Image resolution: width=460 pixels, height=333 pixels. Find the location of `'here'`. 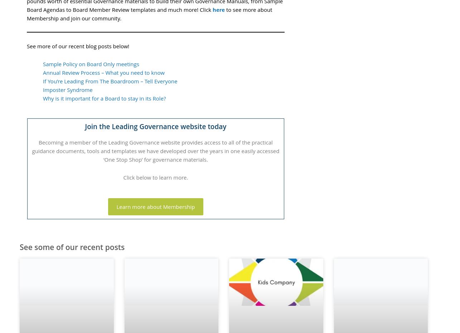

'here' is located at coordinates (213, 9).